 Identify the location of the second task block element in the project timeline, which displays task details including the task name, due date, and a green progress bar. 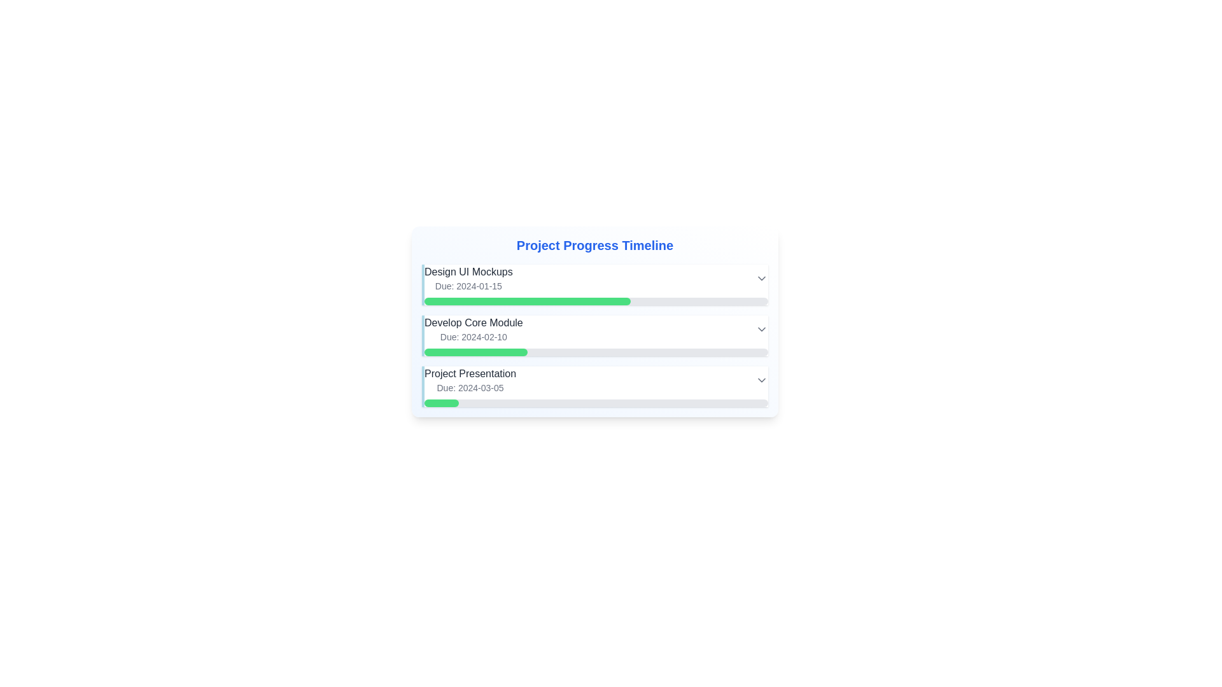
(594, 335).